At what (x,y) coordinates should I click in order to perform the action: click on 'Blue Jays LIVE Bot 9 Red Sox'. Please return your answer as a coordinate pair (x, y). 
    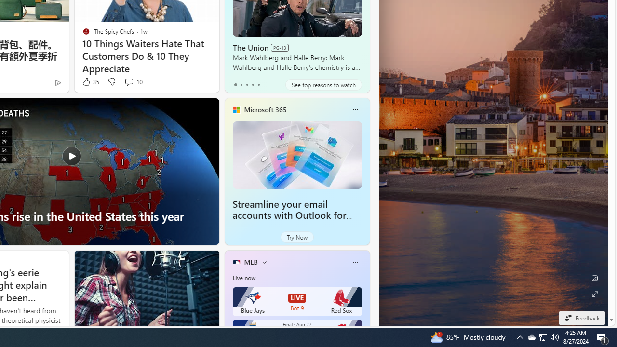
    Looking at the image, I should click on (296, 301).